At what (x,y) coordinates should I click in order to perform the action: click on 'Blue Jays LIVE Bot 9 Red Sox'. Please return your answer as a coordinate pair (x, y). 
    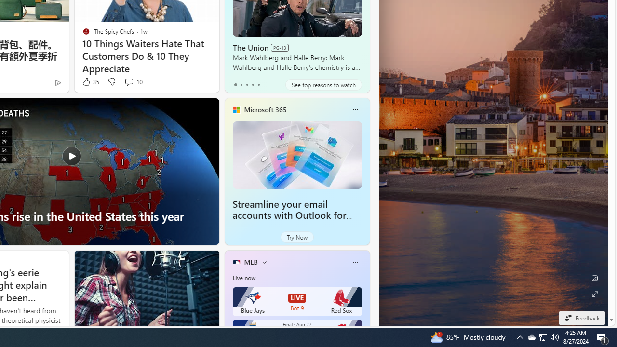
    Looking at the image, I should click on (296, 301).